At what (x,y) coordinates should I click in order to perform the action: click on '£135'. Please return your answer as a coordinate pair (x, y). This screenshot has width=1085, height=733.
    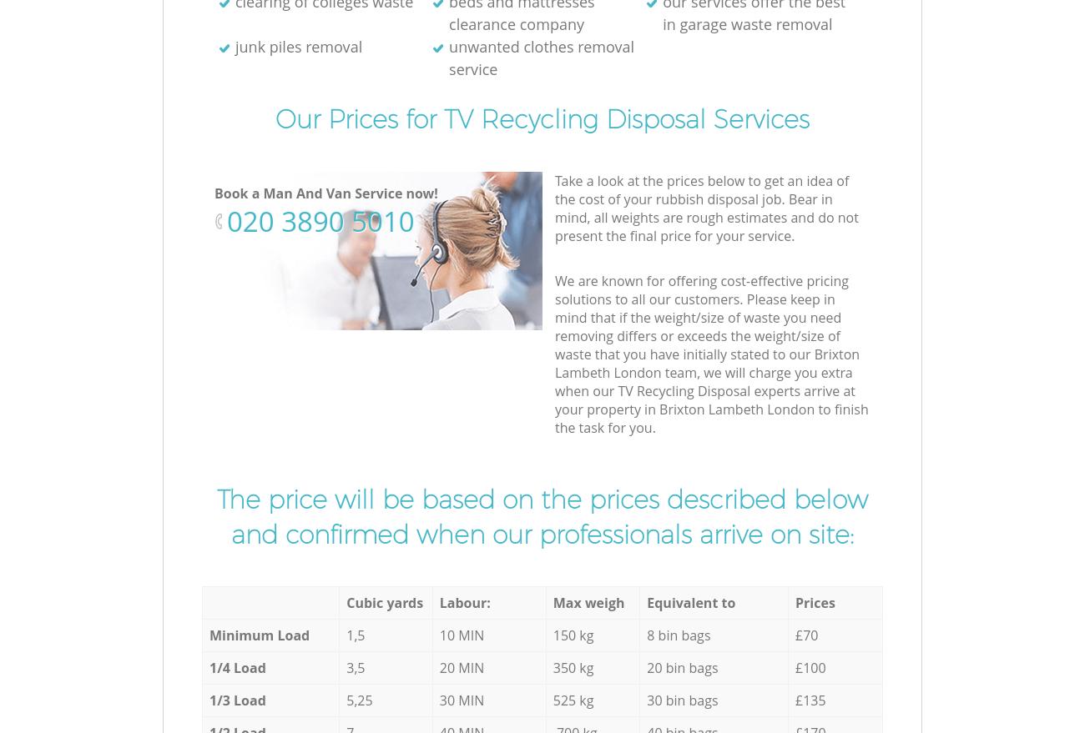
    Looking at the image, I should click on (810, 699).